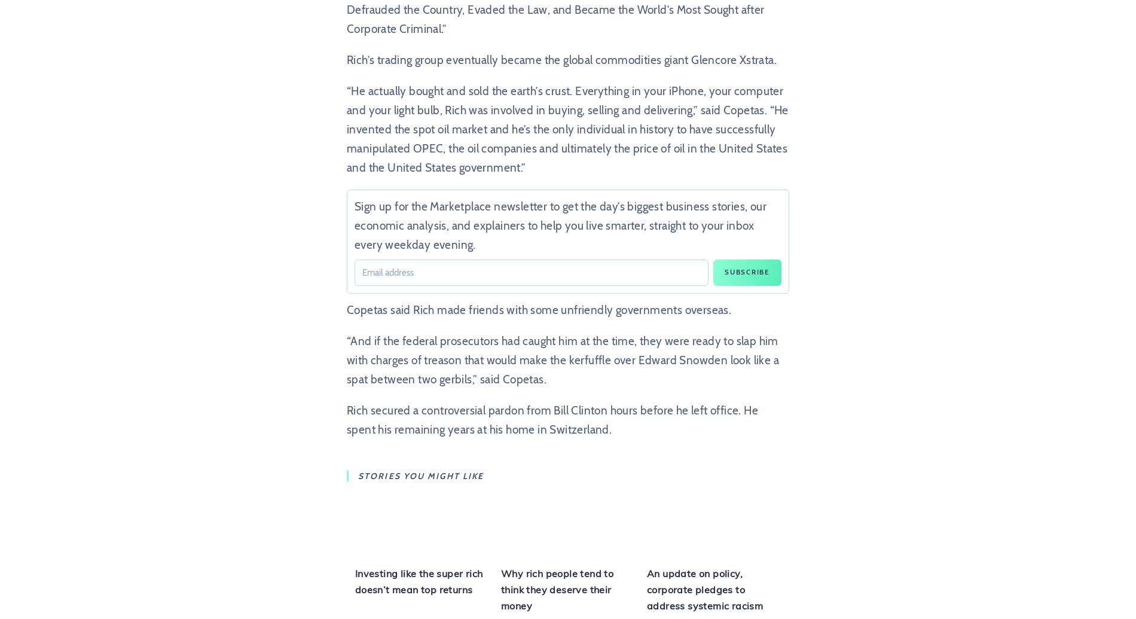  What do you see at coordinates (418, 581) in the screenshot?
I see `'Investing like the super rich doesn’t mean top returns'` at bounding box center [418, 581].